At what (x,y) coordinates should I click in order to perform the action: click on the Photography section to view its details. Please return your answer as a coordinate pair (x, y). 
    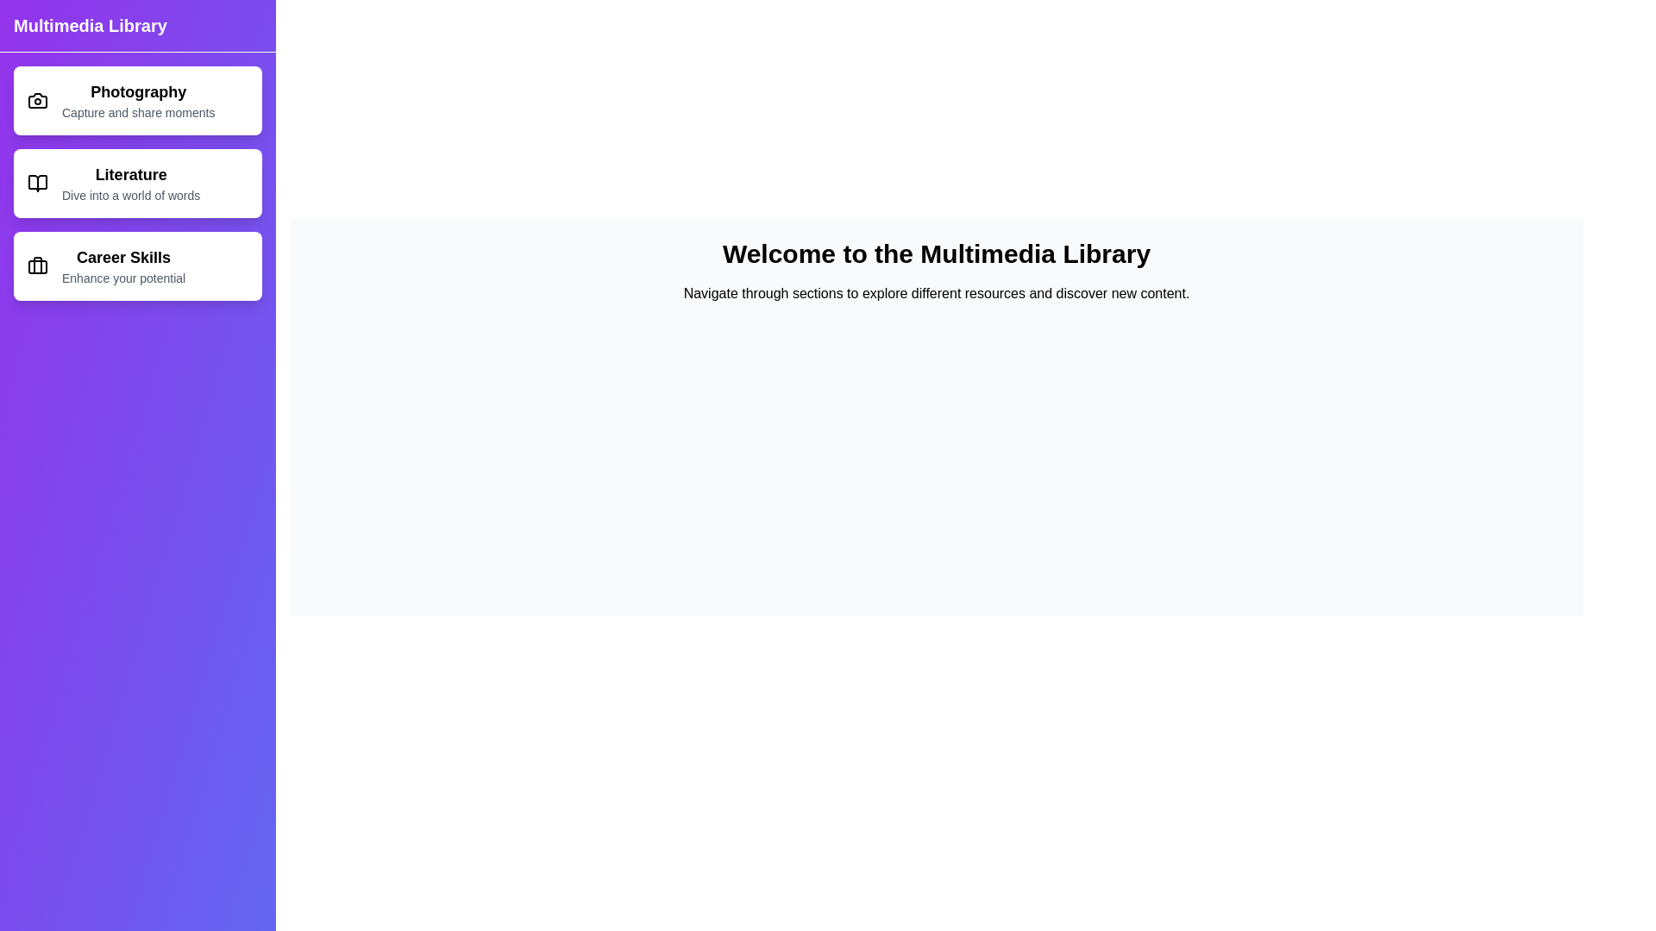
    Looking at the image, I should click on (136, 100).